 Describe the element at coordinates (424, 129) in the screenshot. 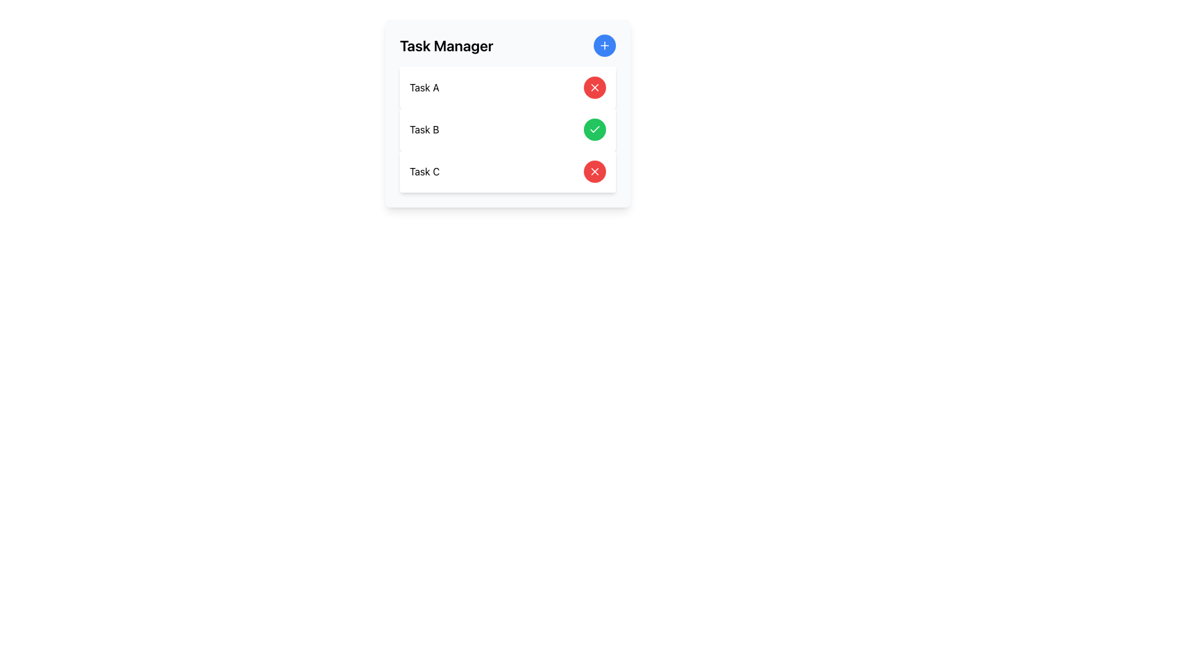

I see `static text label displaying 'Task B', which is a black text label located in the second row of the task list interface` at that location.